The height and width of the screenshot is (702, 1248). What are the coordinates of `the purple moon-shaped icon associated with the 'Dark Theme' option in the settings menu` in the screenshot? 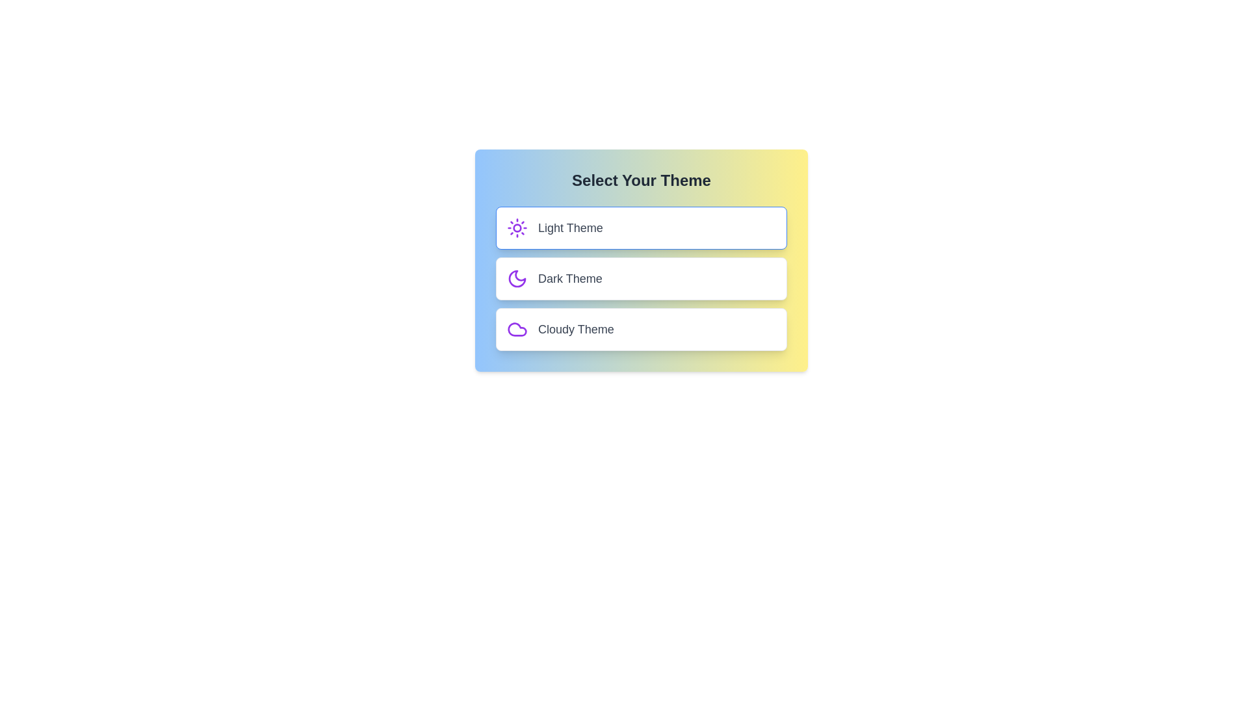 It's located at (517, 278).